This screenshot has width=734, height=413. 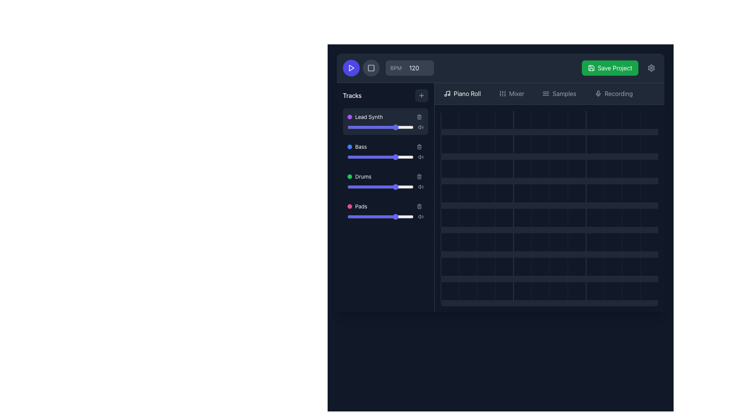 I want to click on the grid tile located in the bottommost row and leftmost column of the grid layout, so click(x=450, y=291).